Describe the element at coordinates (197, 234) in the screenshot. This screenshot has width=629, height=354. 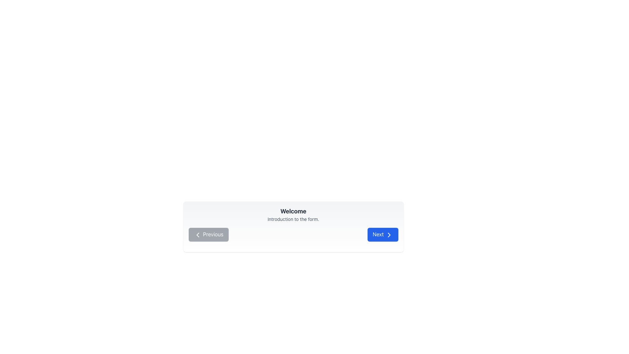
I see `the leftward-pointing chevron icon within the gray 'Previous' button located at the bottom-left side of the navigation controls section` at that location.